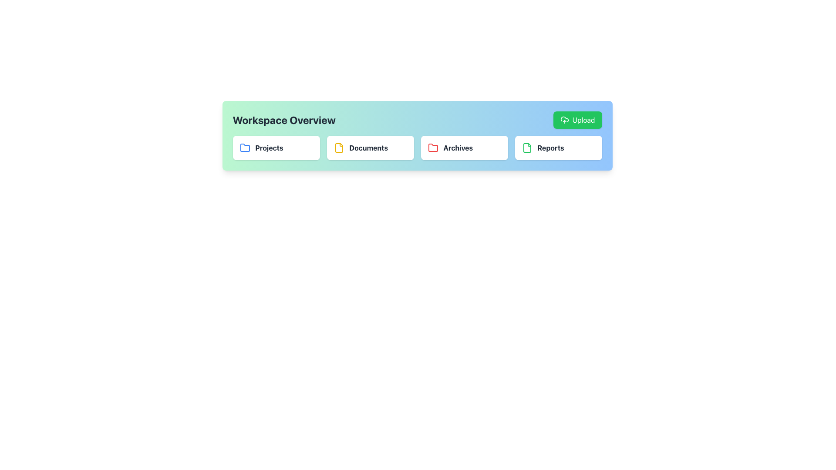 The width and height of the screenshot is (836, 470). I want to click on the white rectangular Content Card labeled 'Archives', which is the third card in a horizontal grid layout, so click(464, 147).